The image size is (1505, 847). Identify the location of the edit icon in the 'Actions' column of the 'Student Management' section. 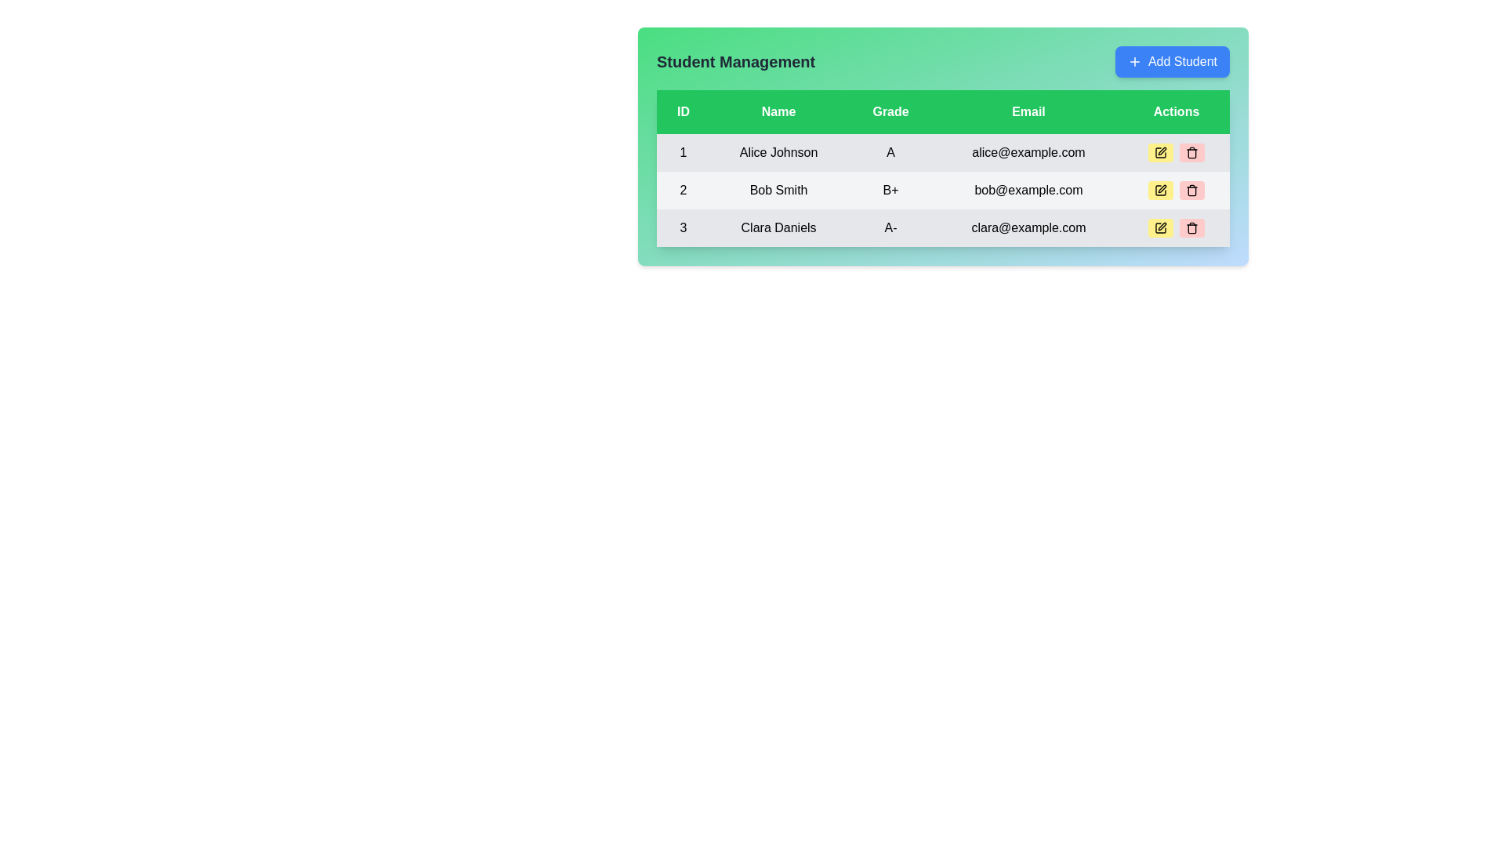
(1162, 187).